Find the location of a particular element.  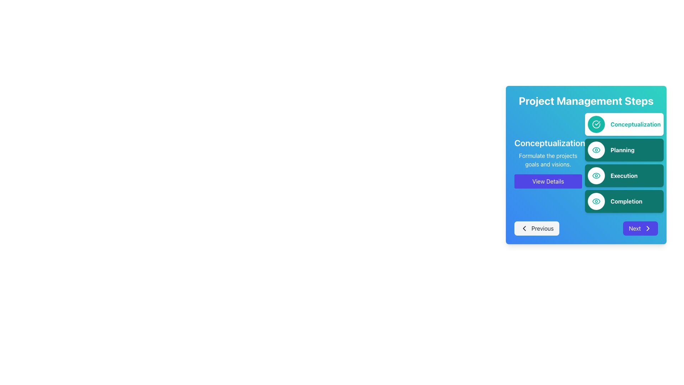

the 'Previous' button, which is a rectangular button with rounded corners, displaying the text 'Previous' and a leftward chevron icon, indicating a disabled state is located at coordinates (537, 228).